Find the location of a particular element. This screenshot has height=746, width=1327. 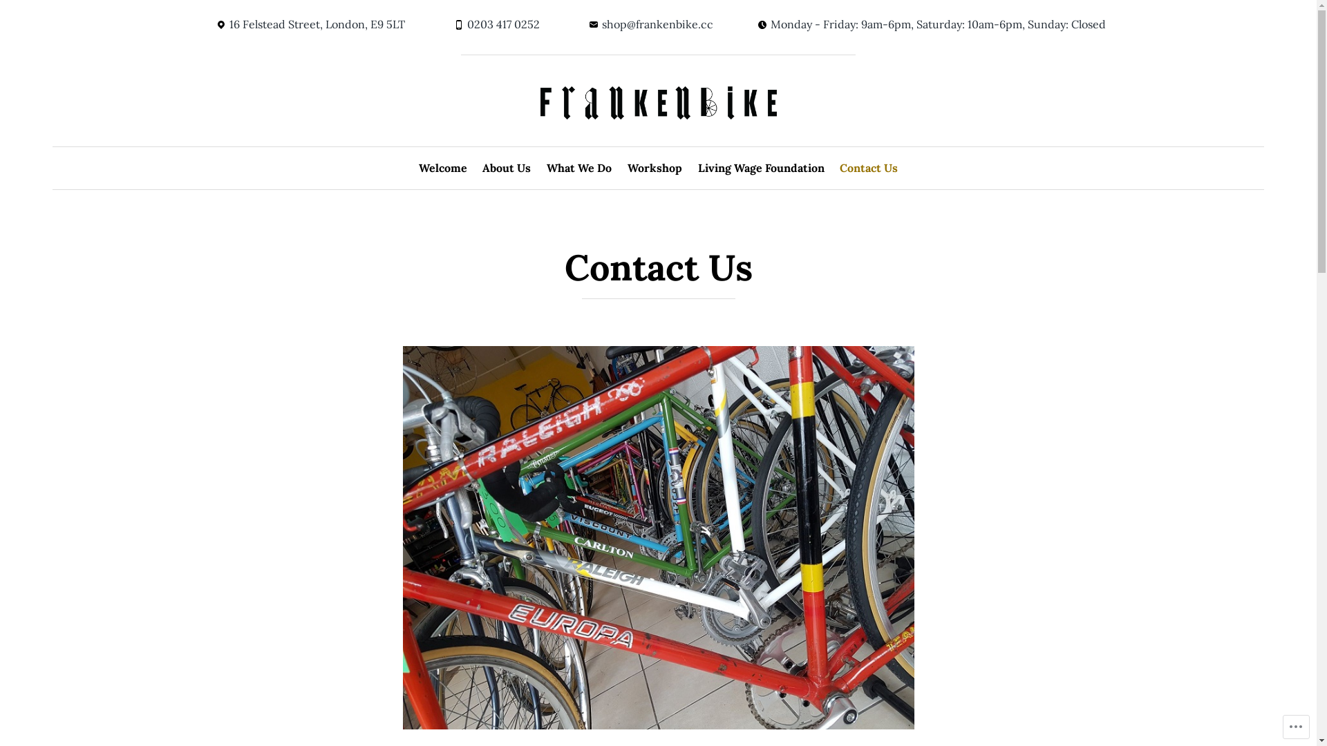

'About Us' is located at coordinates (506, 167).